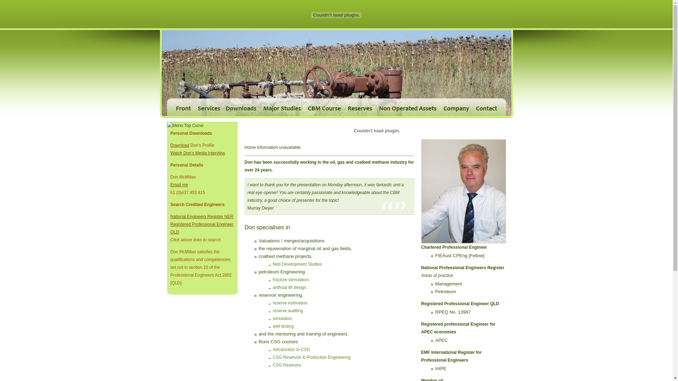 The image size is (678, 381). I want to click on 'downloads', so click(241, 107).